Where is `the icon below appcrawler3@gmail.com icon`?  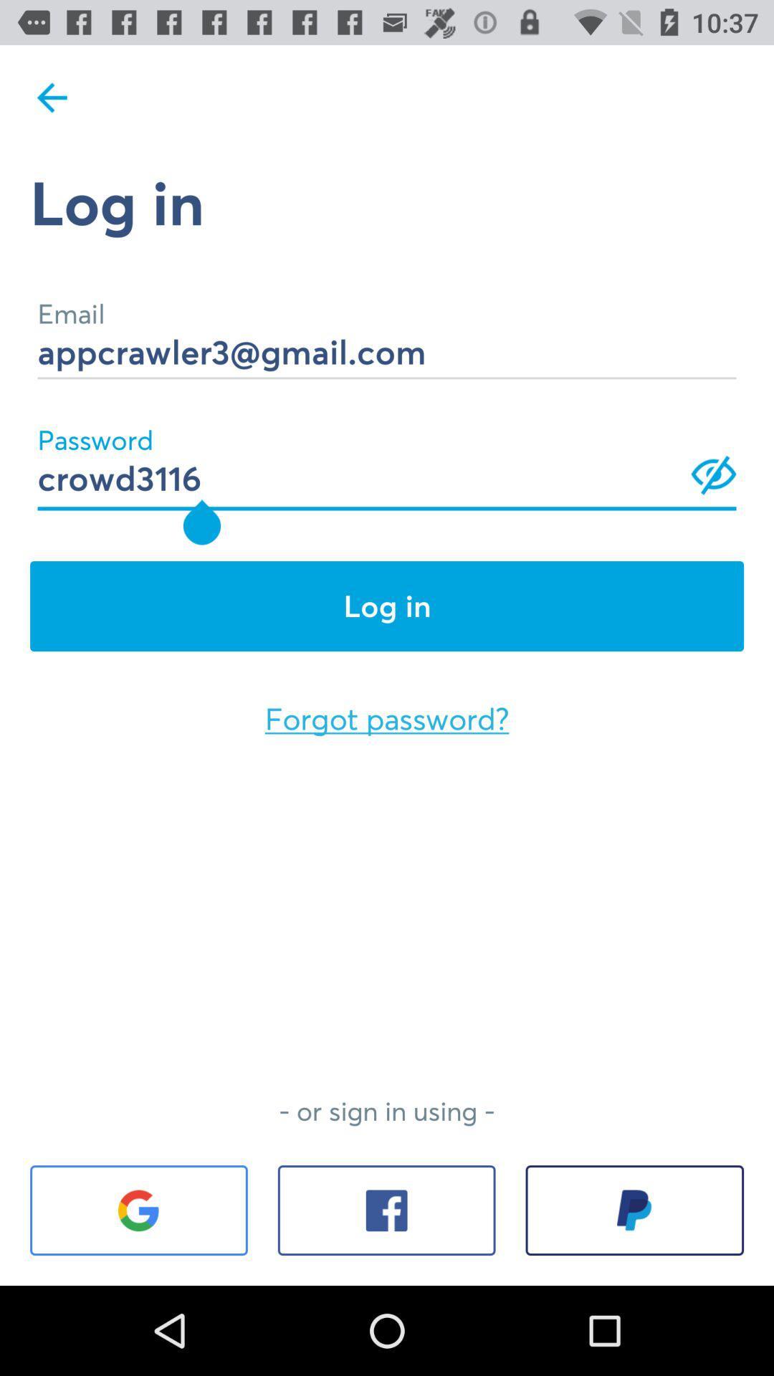 the icon below appcrawler3@gmail.com icon is located at coordinates (387, 459).